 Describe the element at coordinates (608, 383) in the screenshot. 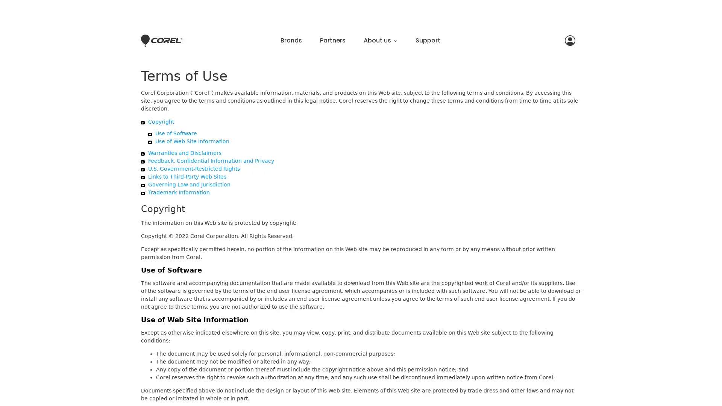

I see `Accept Cookies` at that location.